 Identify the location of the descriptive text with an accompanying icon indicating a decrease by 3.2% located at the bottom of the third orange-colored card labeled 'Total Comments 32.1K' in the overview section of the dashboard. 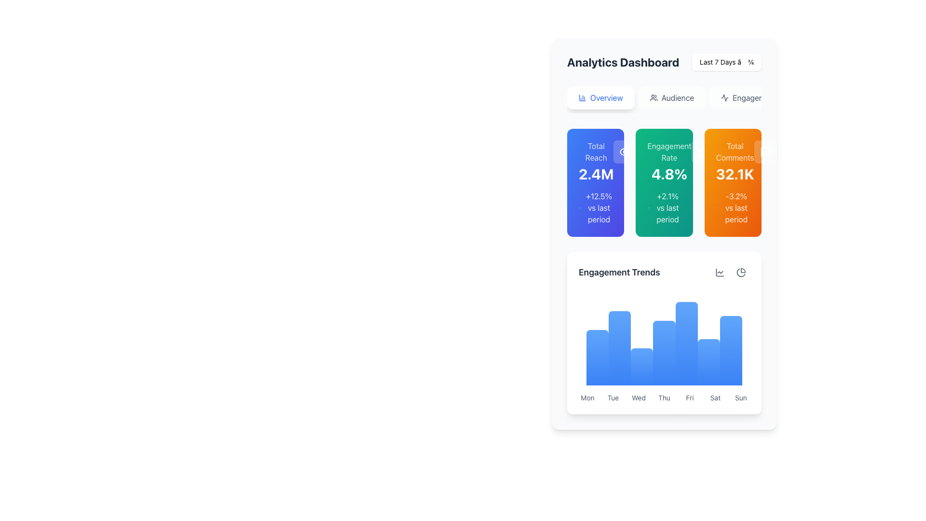
(733, 207).